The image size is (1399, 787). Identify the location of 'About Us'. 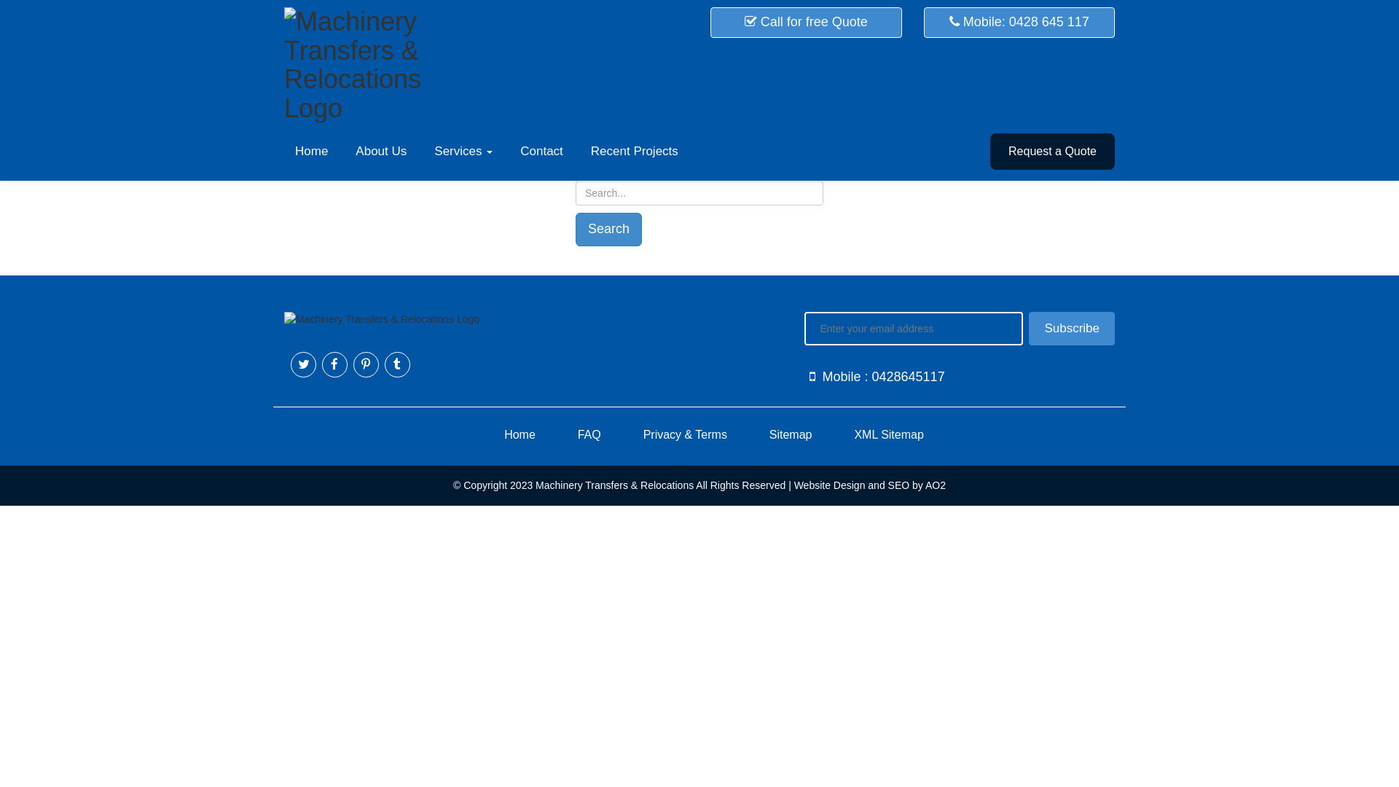
(344, 152).